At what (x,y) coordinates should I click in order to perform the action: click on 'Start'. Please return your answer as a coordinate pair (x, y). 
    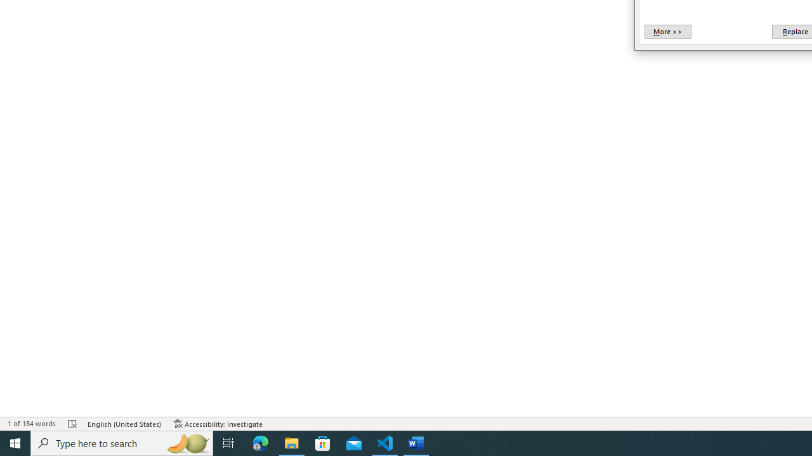
    Looking at the image, I should click on (15, 442).